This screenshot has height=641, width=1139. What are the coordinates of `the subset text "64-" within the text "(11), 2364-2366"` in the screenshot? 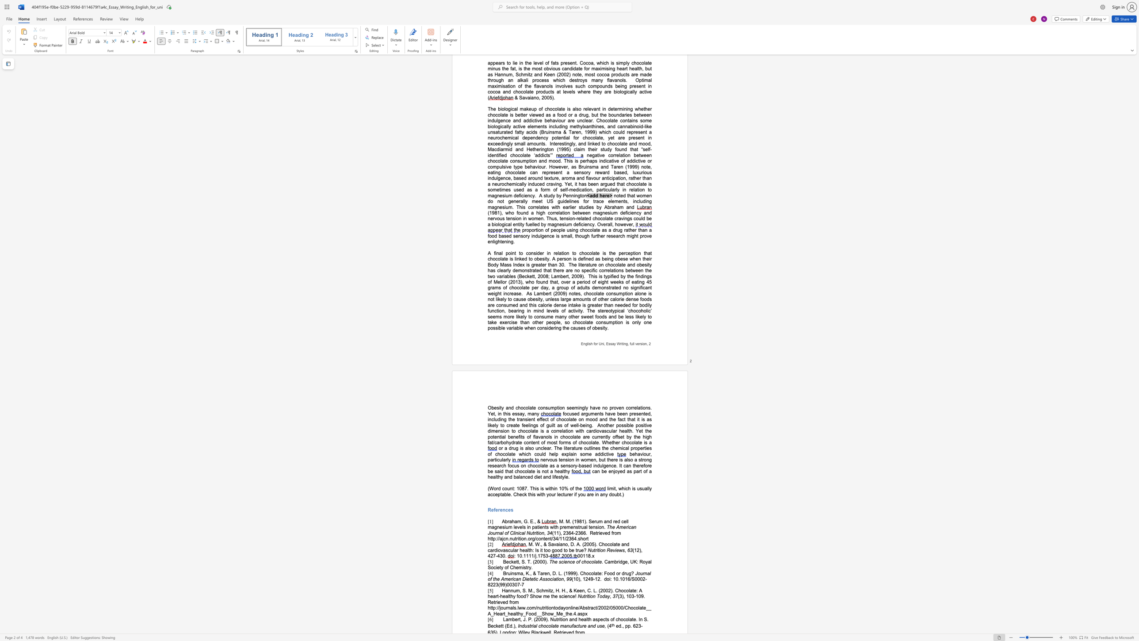 It's located at (568, 533).